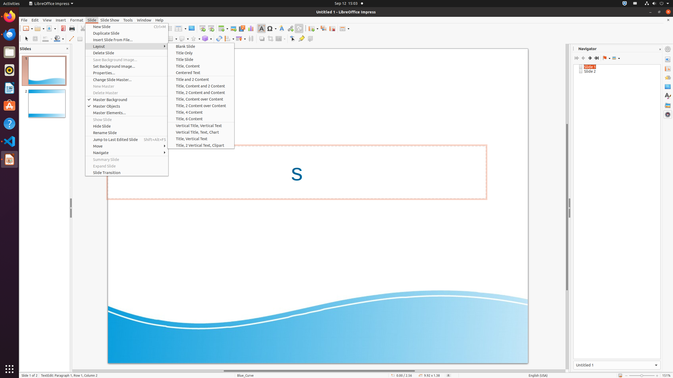 This screenshot has height=378, width=673. What do you see at coordinates (126, 146) in the screenshot?
I see `'Move'` at bounding box center [126, 146].